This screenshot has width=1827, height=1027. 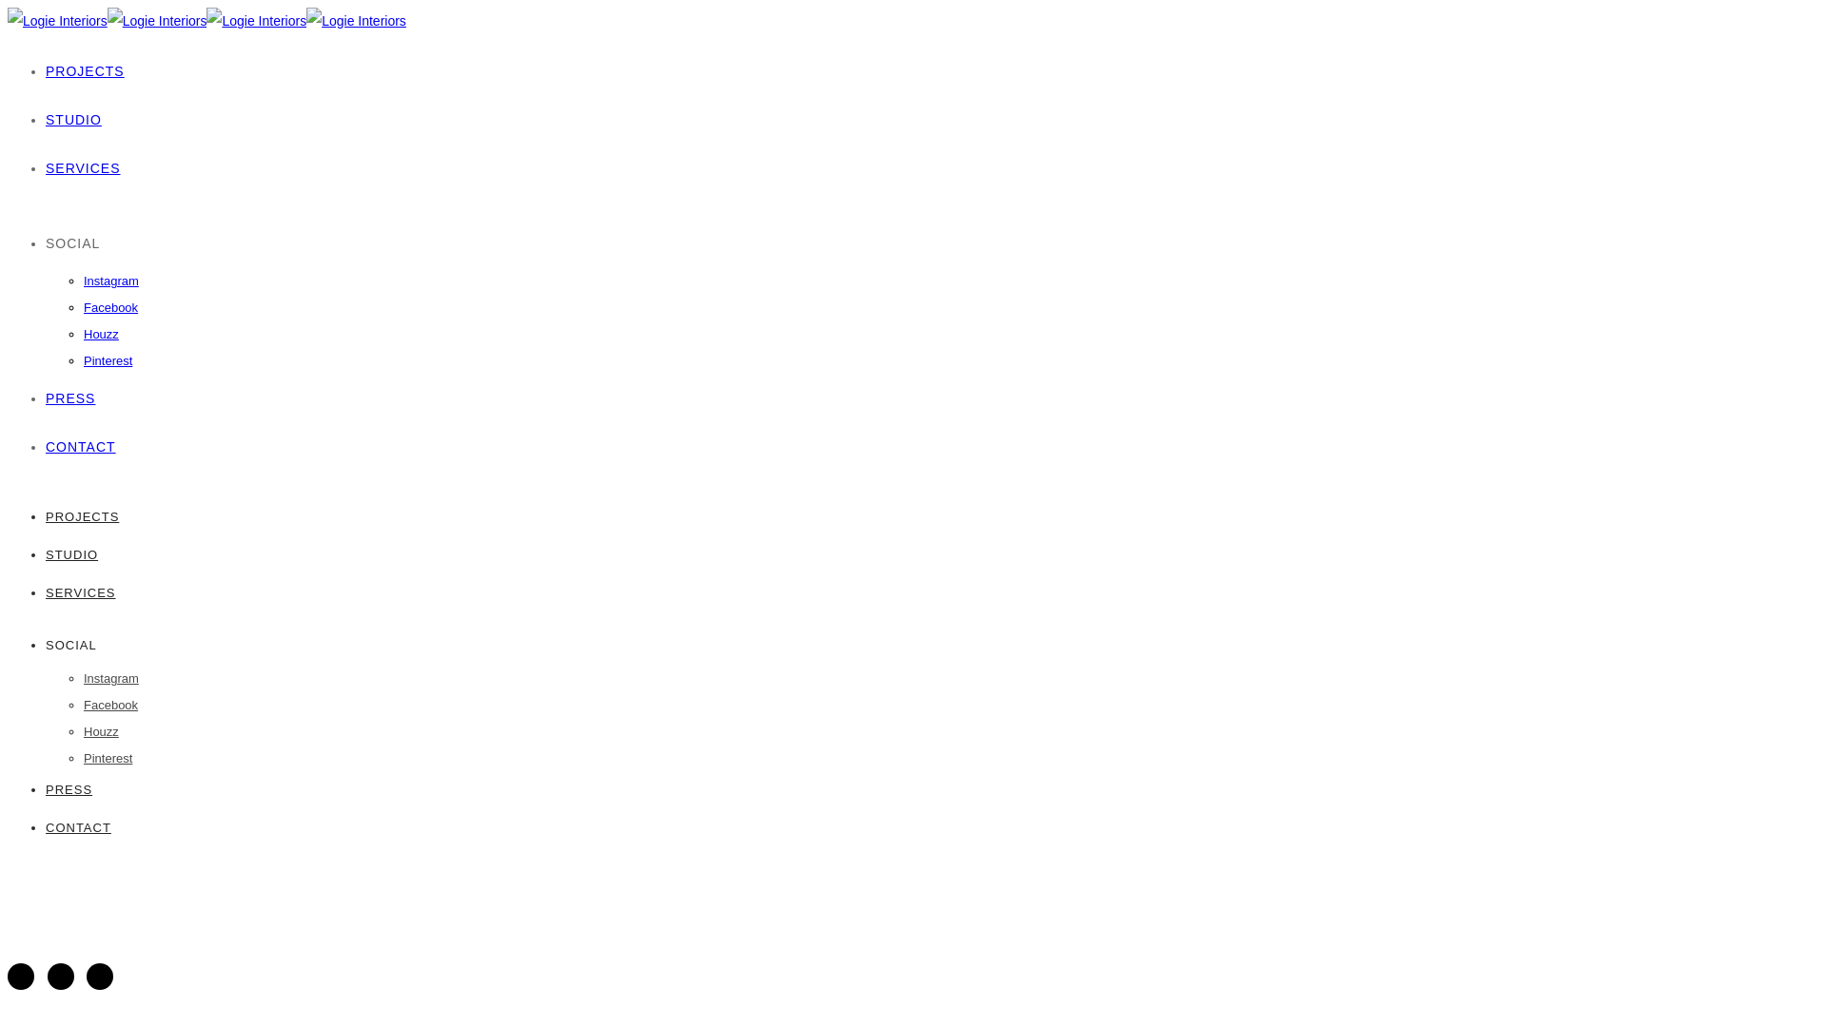 I want to click on 'Pinterest', so click(x=107, y=360).